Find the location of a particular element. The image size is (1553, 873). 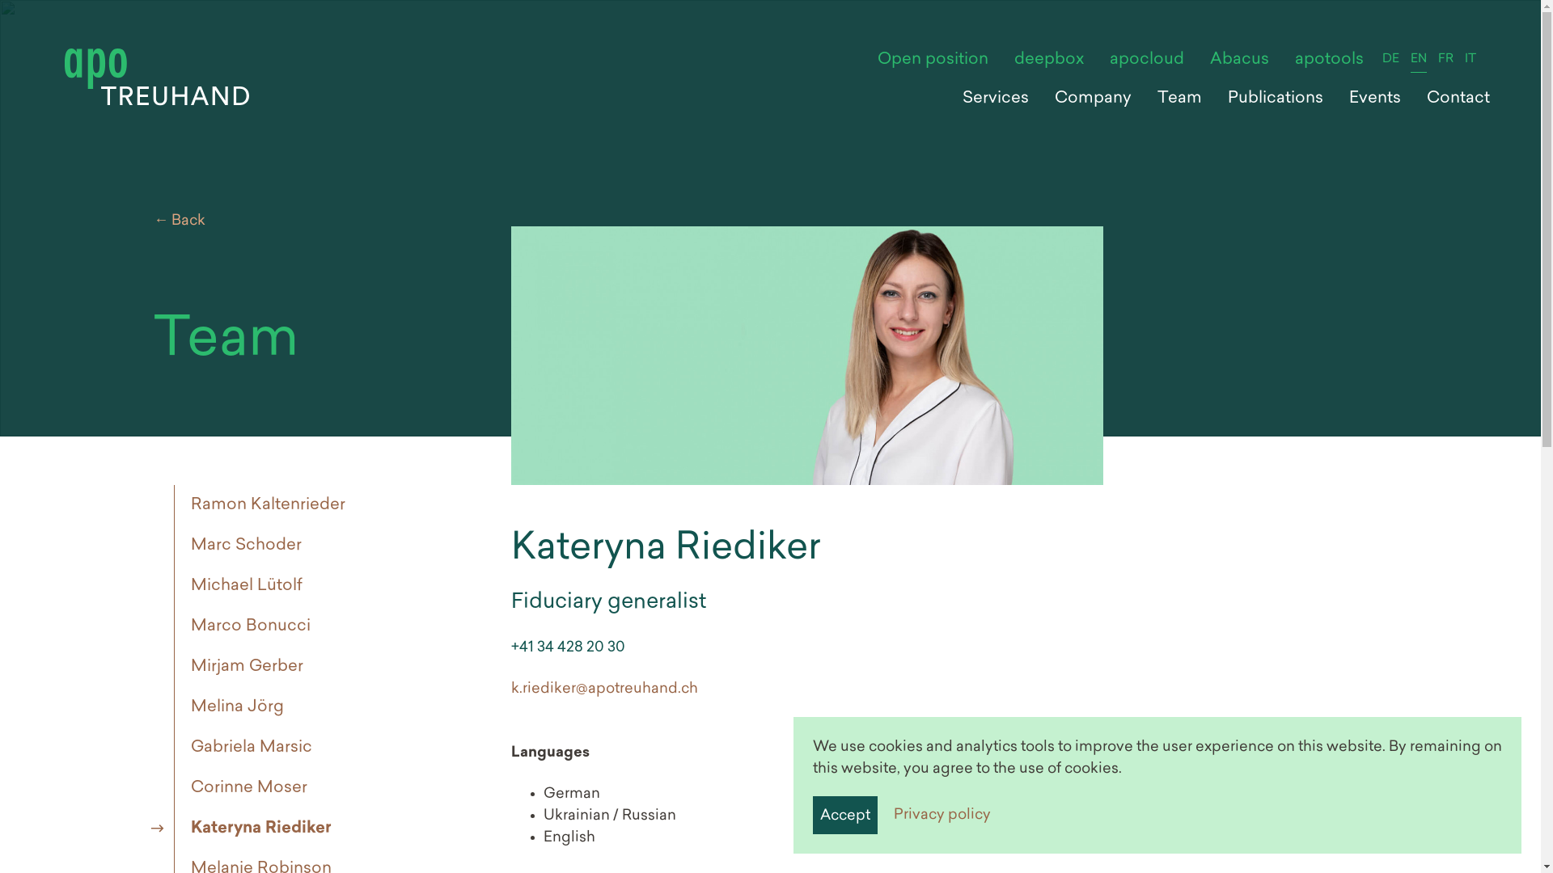

'apotools' is located at coordinates (1329, 58).